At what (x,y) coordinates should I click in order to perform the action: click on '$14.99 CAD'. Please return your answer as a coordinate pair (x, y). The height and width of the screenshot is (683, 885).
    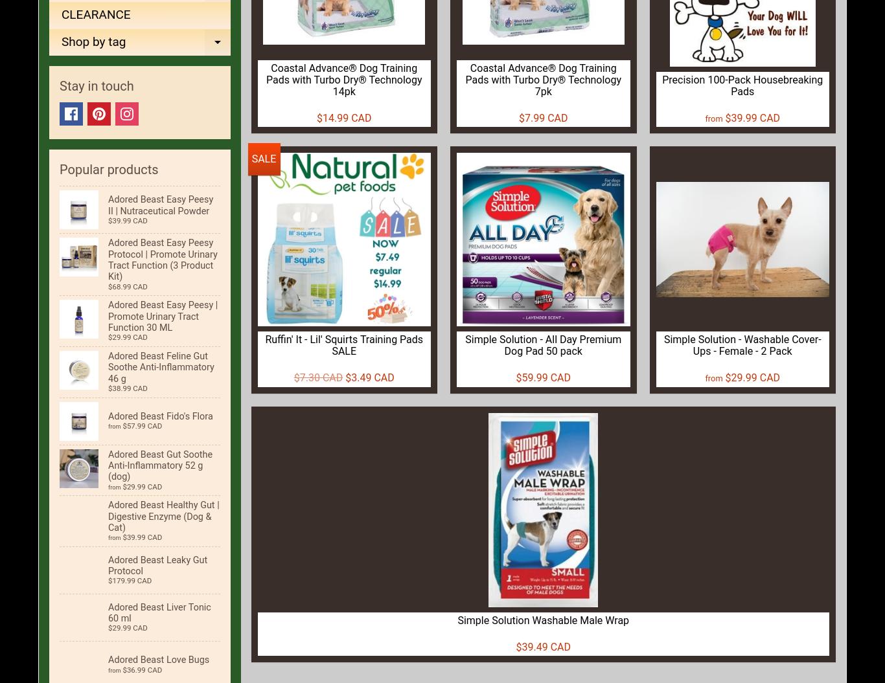
    Looking at the image, I should click on (343, 117).